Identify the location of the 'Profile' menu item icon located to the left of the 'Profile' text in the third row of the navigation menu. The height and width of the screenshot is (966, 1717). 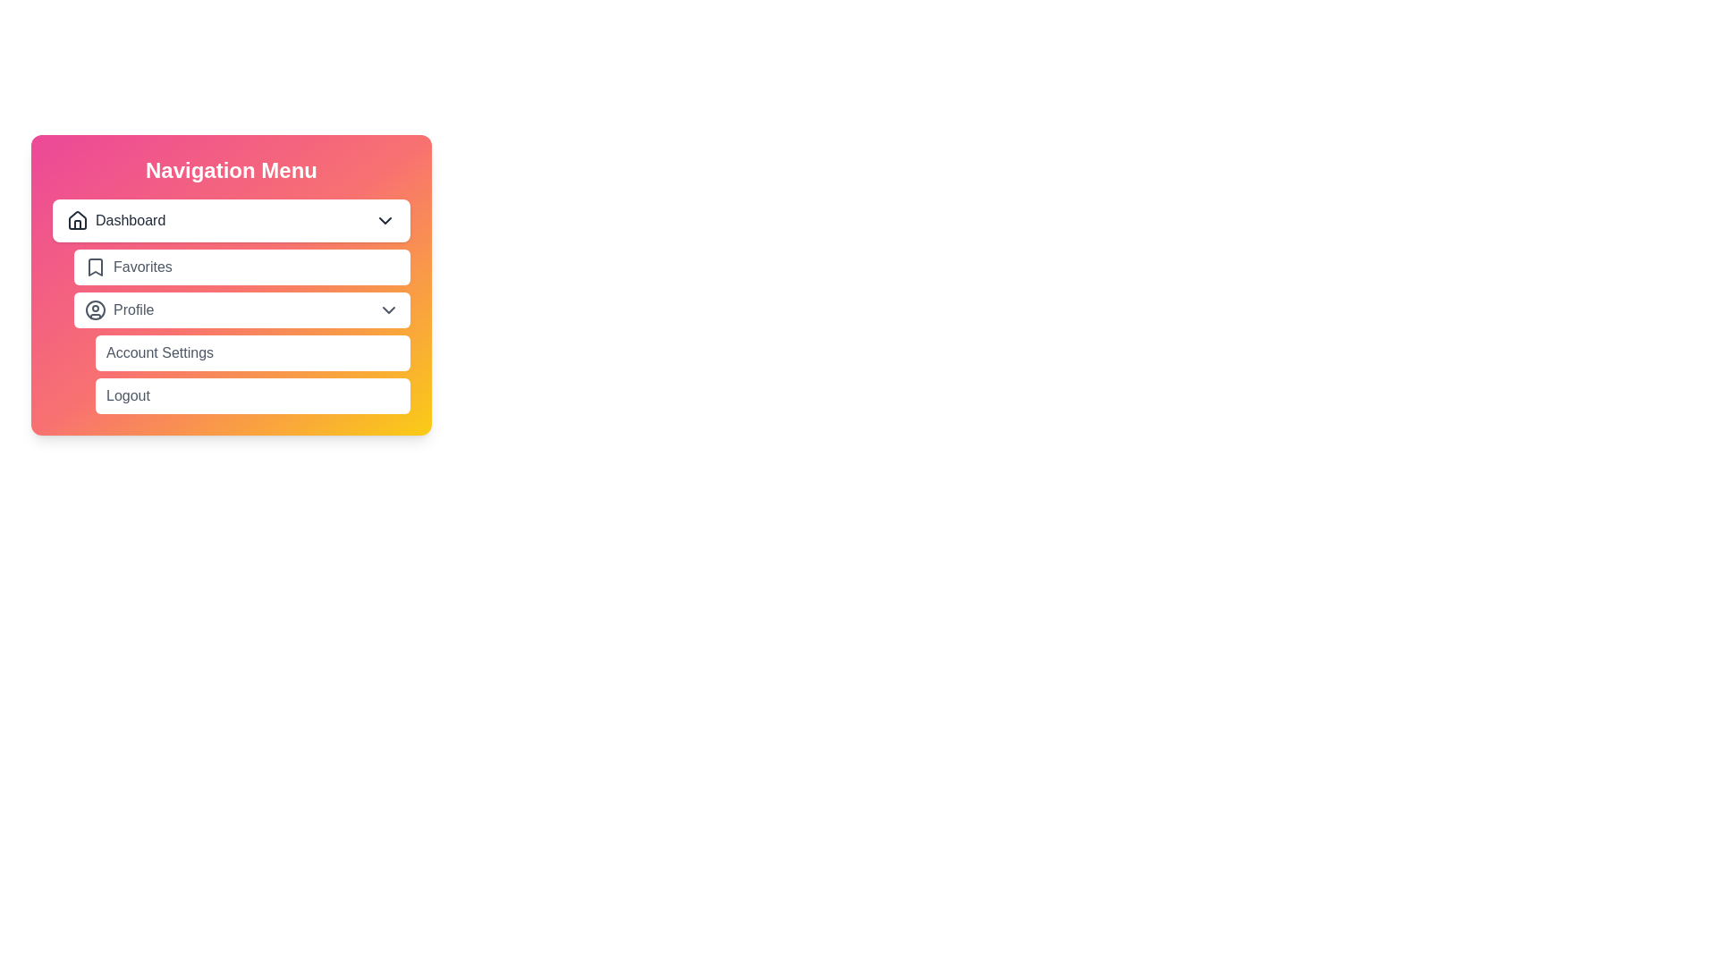
(94, 309).